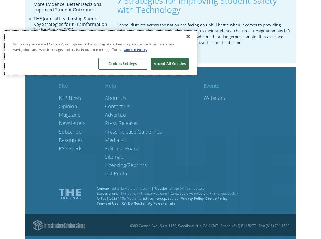 This screenshot has height=239, width=321. Describe the element at coordinates (70, 115) in the screenshot. I see `'Magazine'` at that location.